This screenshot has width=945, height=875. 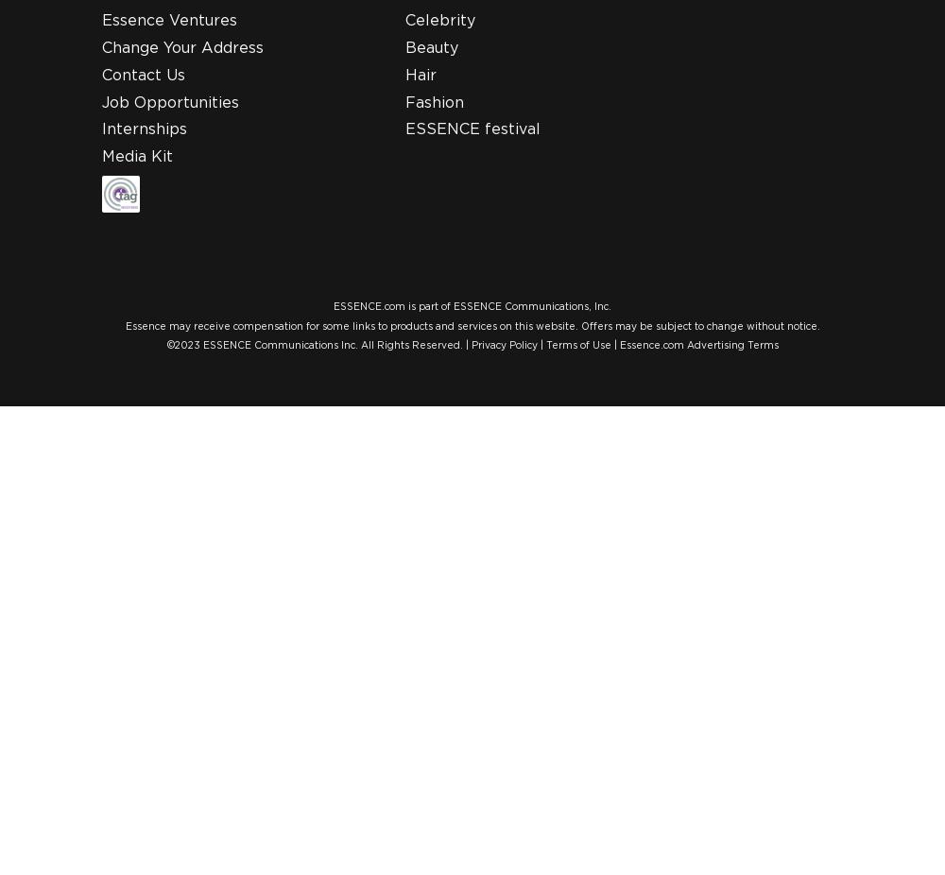 I want to click on 'Hair', so click(x=420, y=73).